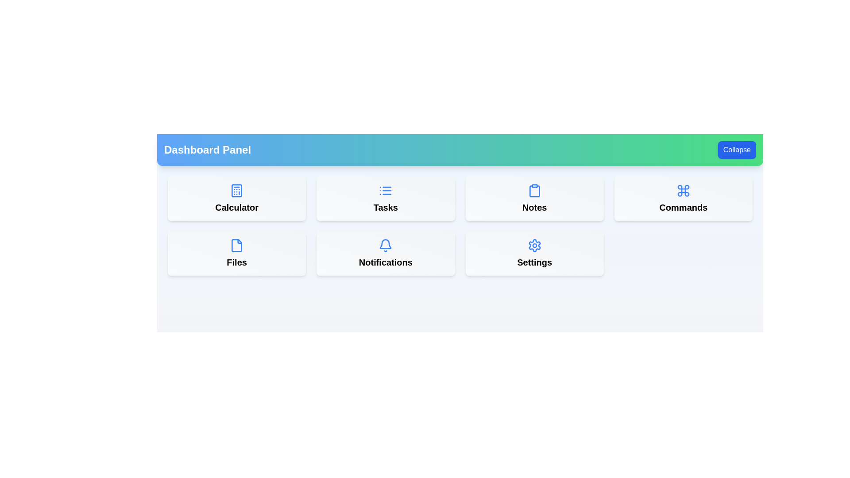 Image resolution: width=850 pixels, height=478 pixels. Describe the element at coordinates (533, 198) in the screenshot. I see `the menu item labeled Notes` at that location.